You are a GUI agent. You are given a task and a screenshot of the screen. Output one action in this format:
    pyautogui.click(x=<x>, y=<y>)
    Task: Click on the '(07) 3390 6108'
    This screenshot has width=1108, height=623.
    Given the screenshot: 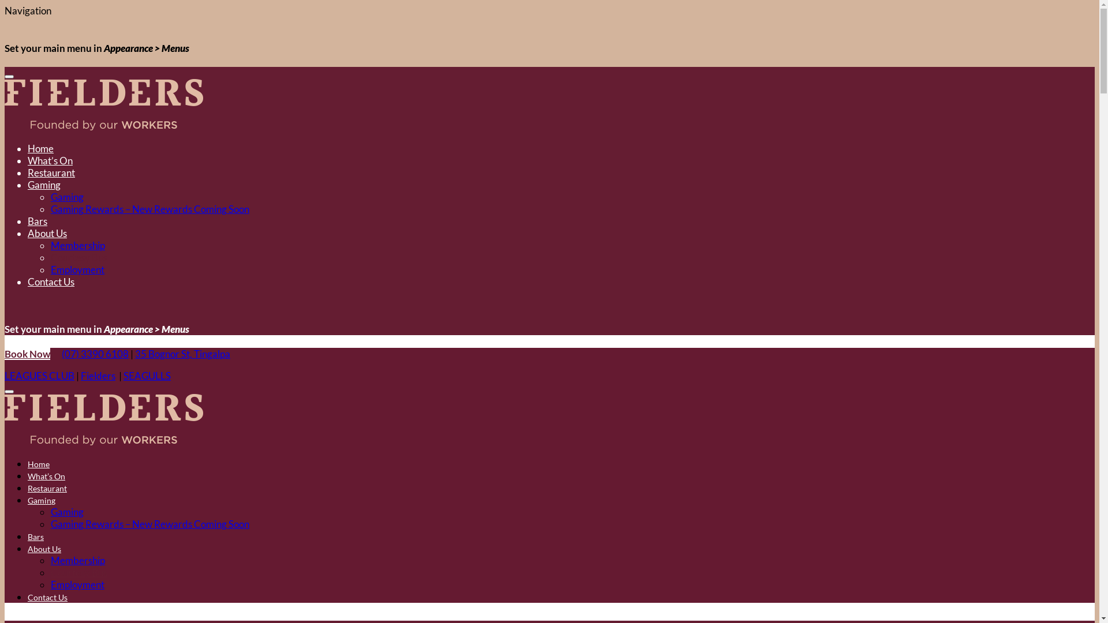 What is the action you would take?
    pyautogui.click(x=61, y=353)
    